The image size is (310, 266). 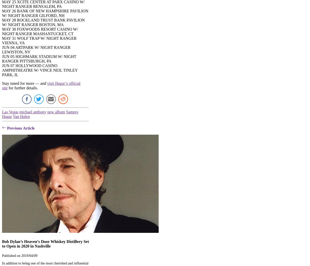 What do you see at coordinates (2, 243) in the screenshot?
I see `'Bob Dylan’s Heaven’s Door Whiskey Distillery Set to Open in 2020 in Nashville'` at bounding box center [2, 243].